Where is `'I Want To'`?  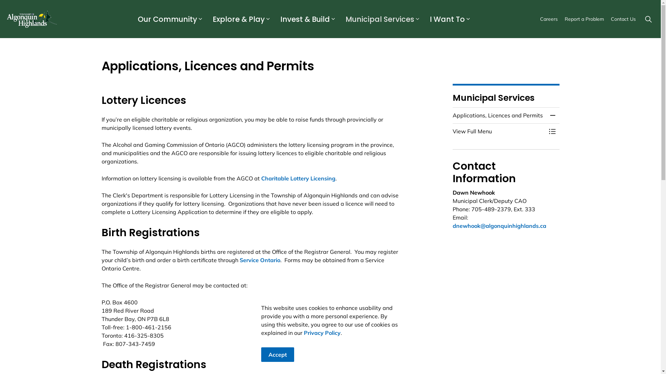
'I Want To' is located at coordinates (446, 18).